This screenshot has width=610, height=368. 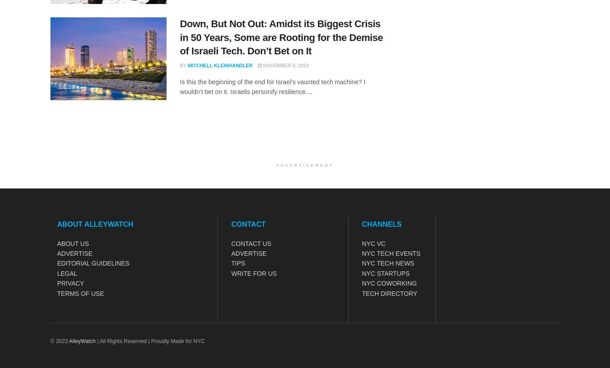 What do you see at coordinates (381, 224) in the screenshot?
I see `'CHANNELS'` at bounding box center [381, 224].